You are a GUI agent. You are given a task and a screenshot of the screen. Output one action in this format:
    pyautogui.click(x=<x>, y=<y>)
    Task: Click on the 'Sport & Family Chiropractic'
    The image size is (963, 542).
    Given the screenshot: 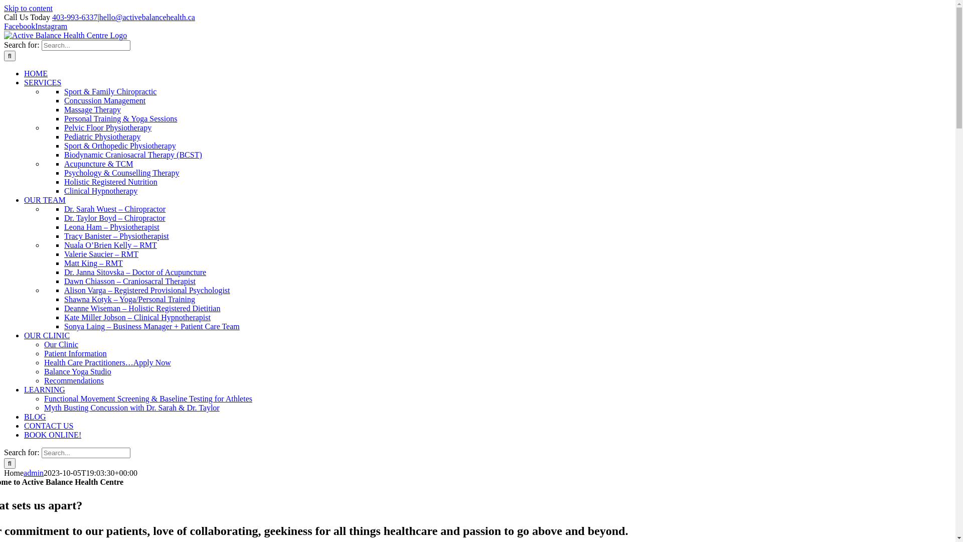 What is the action you would take?
    pyautogui.click(x=110, y=91)
    